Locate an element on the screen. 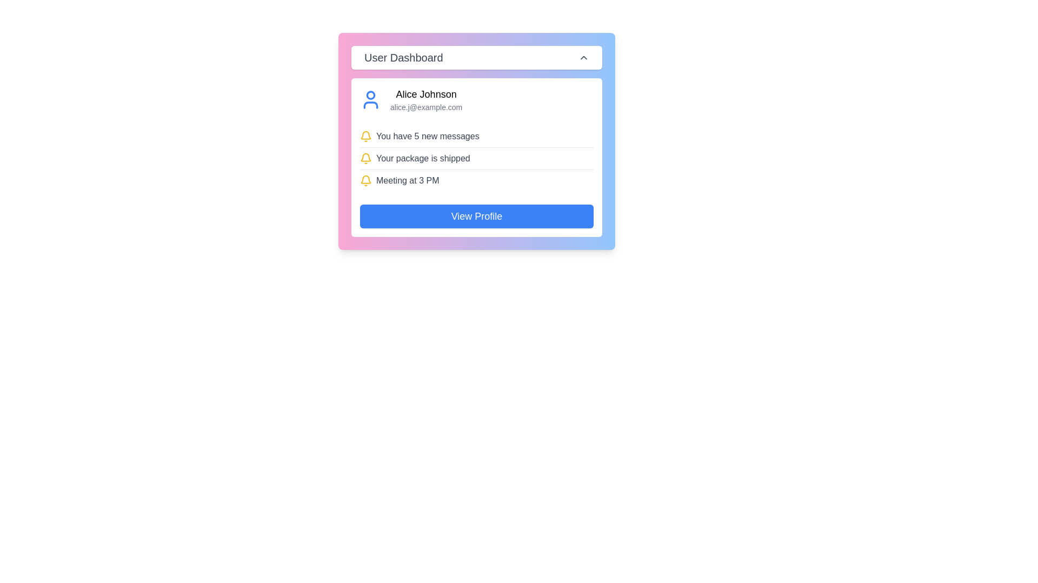 The image size is (1038, 583). the user information section to inspect the details is located at coordinates (425, 100).